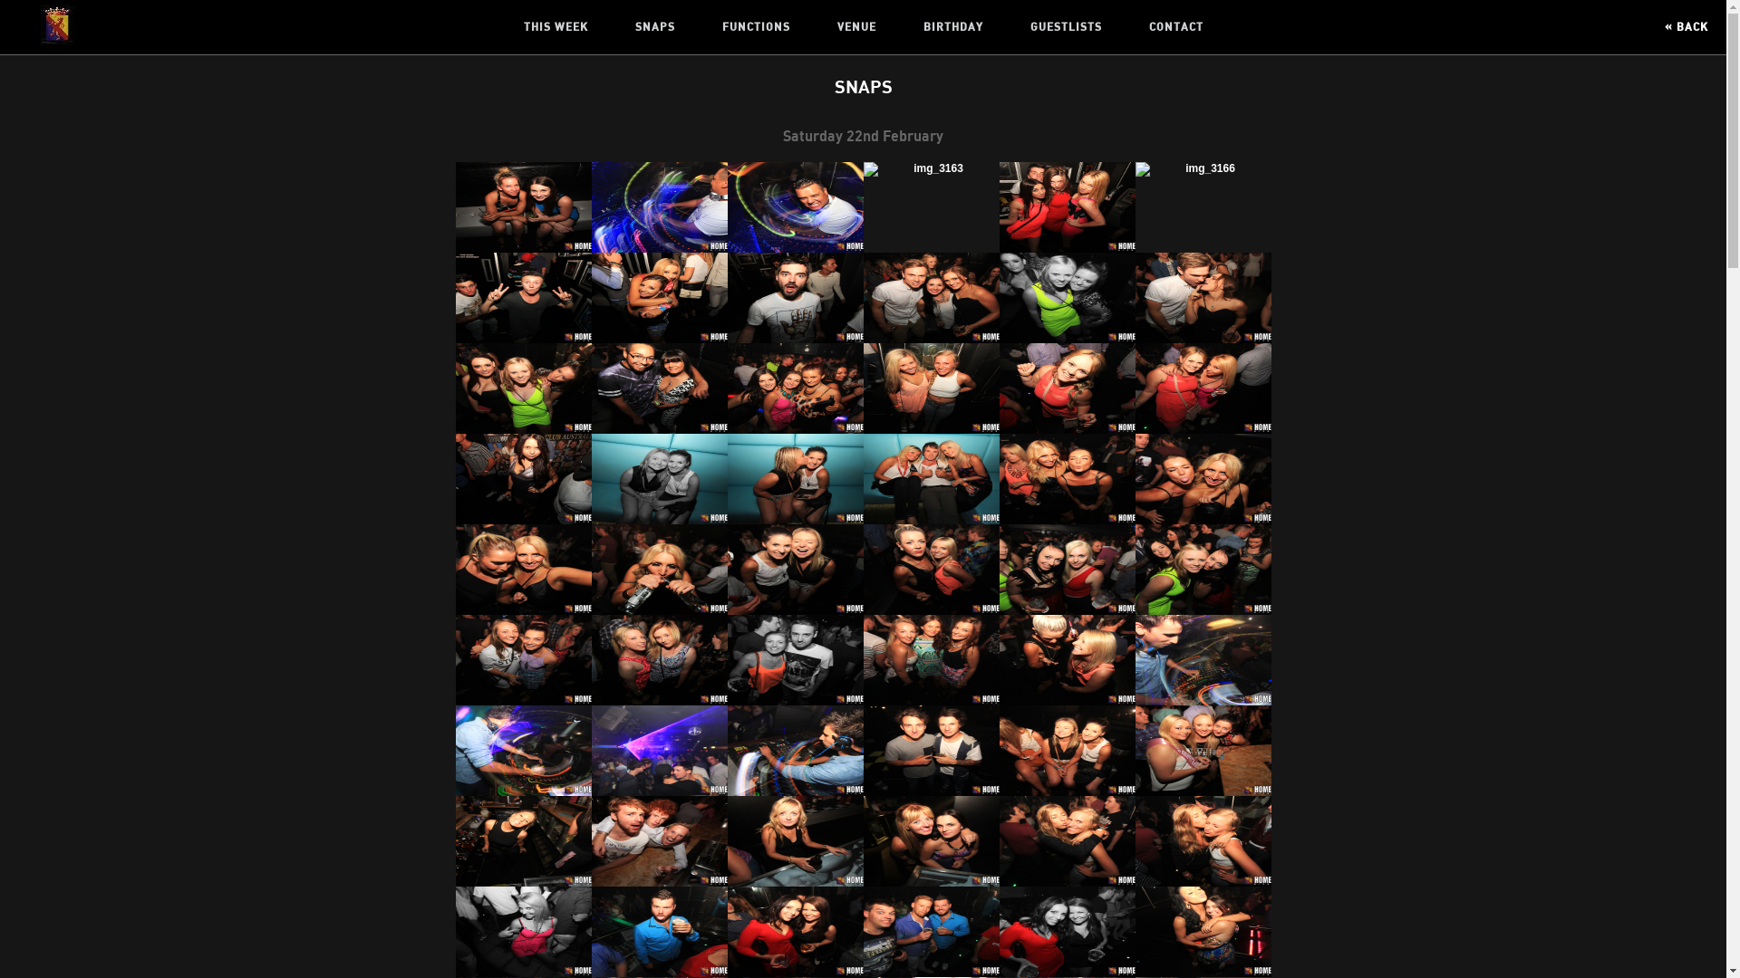 The height and width of the screenshot is (978, 1740). Describe the element at coordinates (1066, 841) in the screenshot. I see `' '` at that location.